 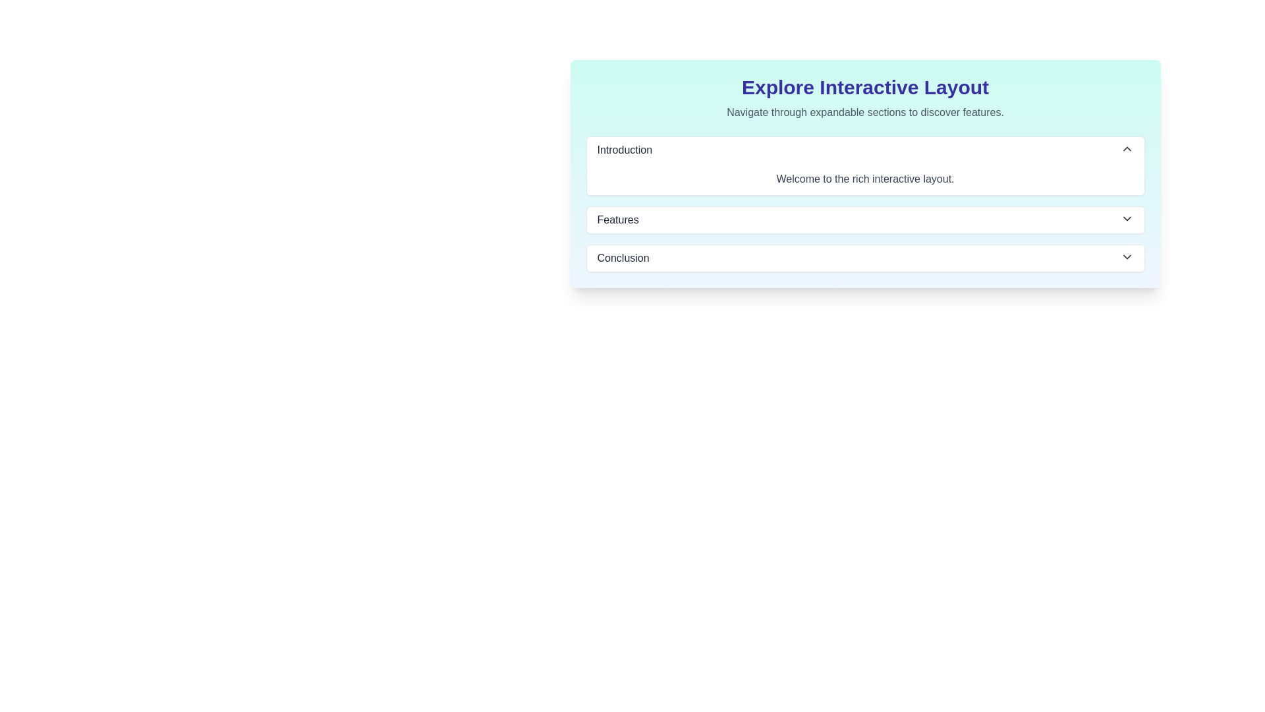 I want to click on the Chevron Up icon located at the right end of the 'Introduction' section header, so click(x=1126, y=148).